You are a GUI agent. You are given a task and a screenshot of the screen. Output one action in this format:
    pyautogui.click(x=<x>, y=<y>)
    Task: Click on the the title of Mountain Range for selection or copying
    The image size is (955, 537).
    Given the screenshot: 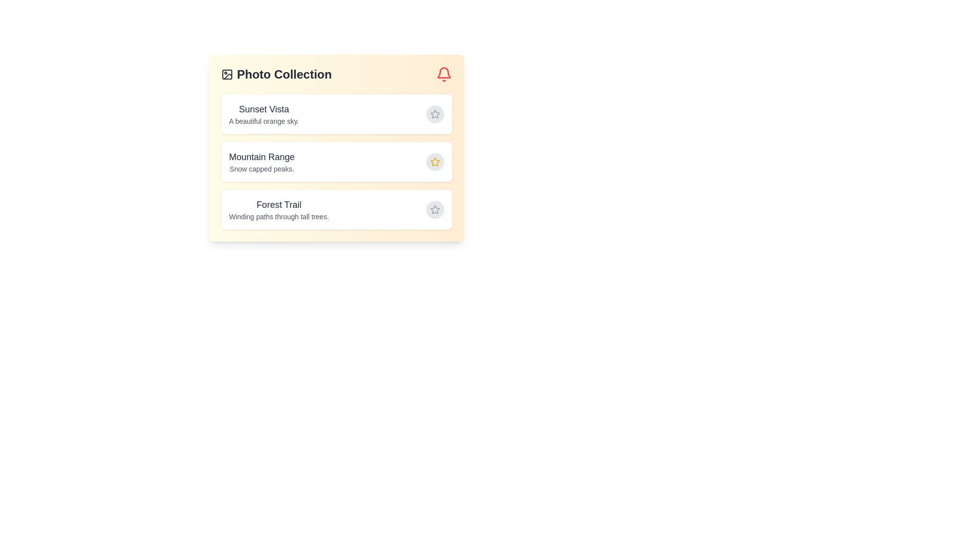 What is the action you would take?
    pyautogui.click(x=262, y=157)
    